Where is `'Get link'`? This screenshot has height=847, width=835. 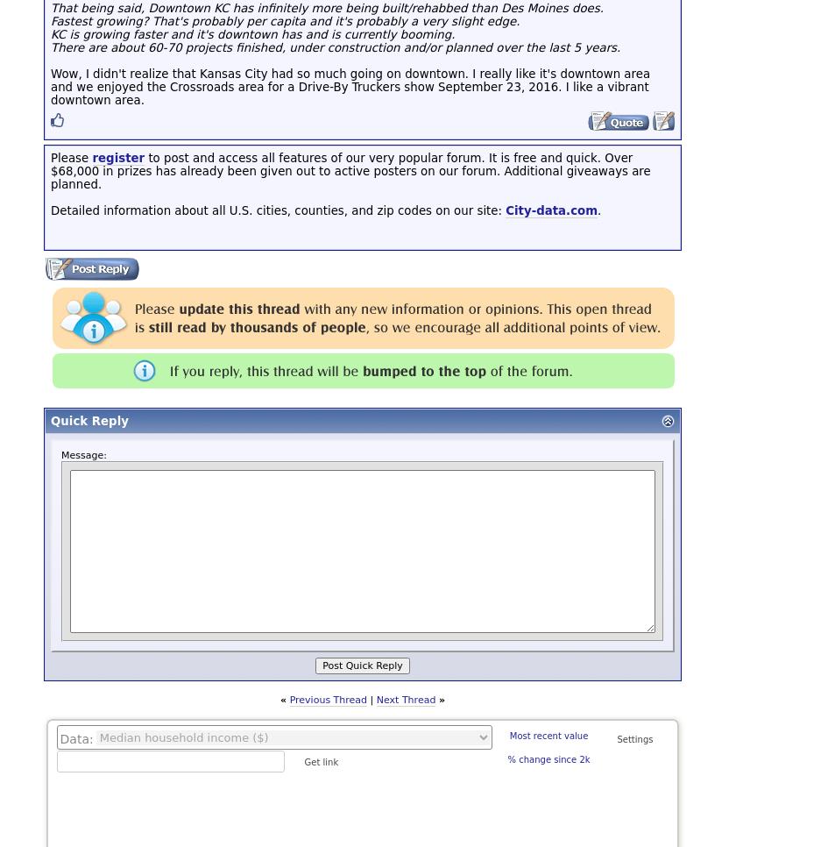
'Get link' is located at coordinates (320, 761).